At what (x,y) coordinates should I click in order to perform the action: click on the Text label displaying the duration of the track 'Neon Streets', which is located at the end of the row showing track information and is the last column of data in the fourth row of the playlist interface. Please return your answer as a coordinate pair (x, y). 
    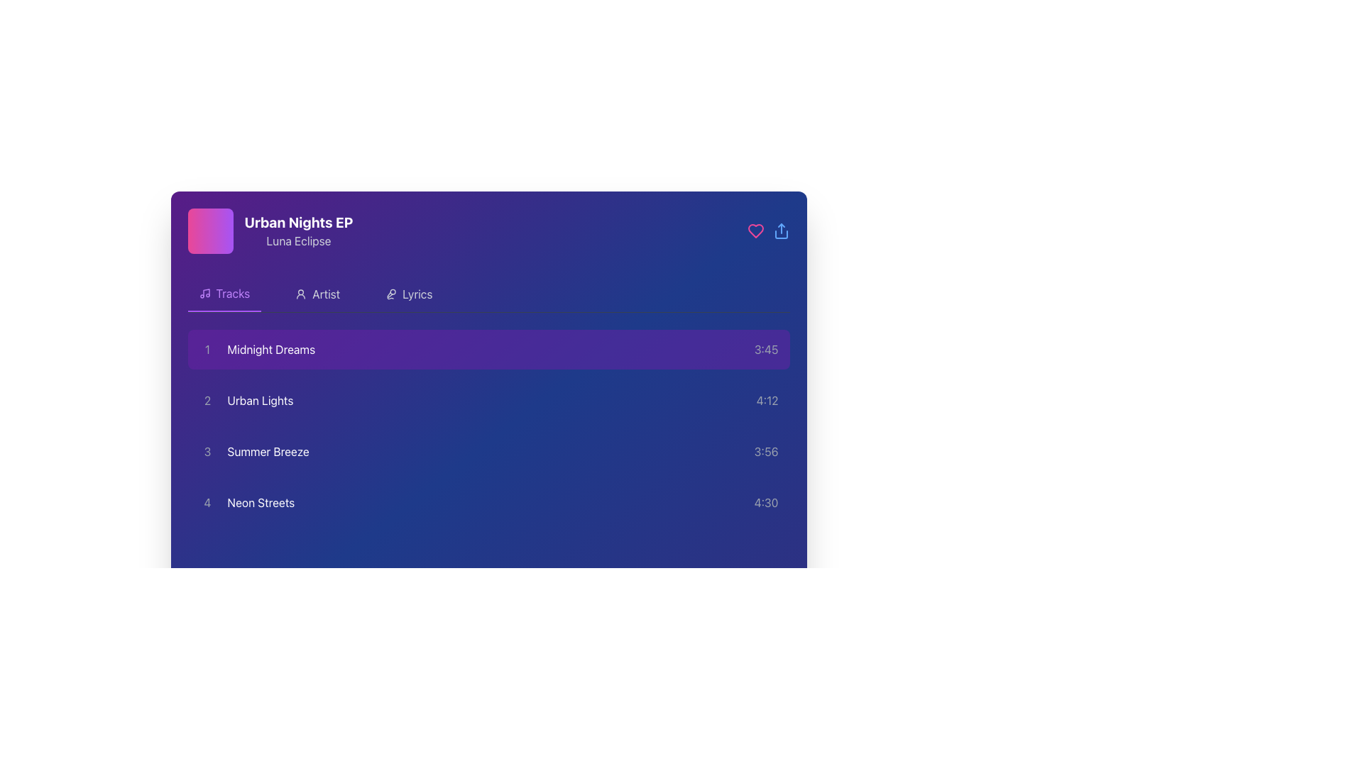
    Looking at the image, I should click on (765, 502).